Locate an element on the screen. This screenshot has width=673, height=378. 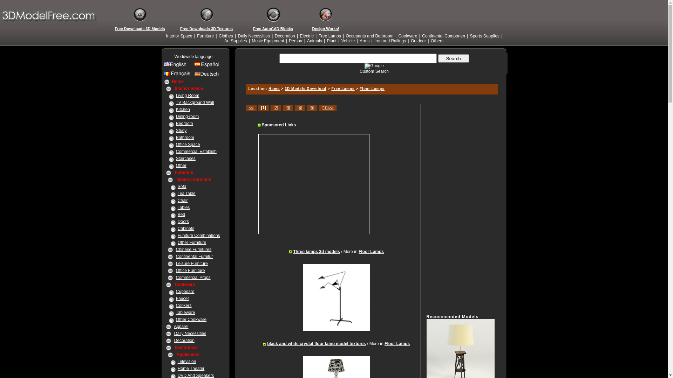
'Electronics' is located at coordinates (186, 347).